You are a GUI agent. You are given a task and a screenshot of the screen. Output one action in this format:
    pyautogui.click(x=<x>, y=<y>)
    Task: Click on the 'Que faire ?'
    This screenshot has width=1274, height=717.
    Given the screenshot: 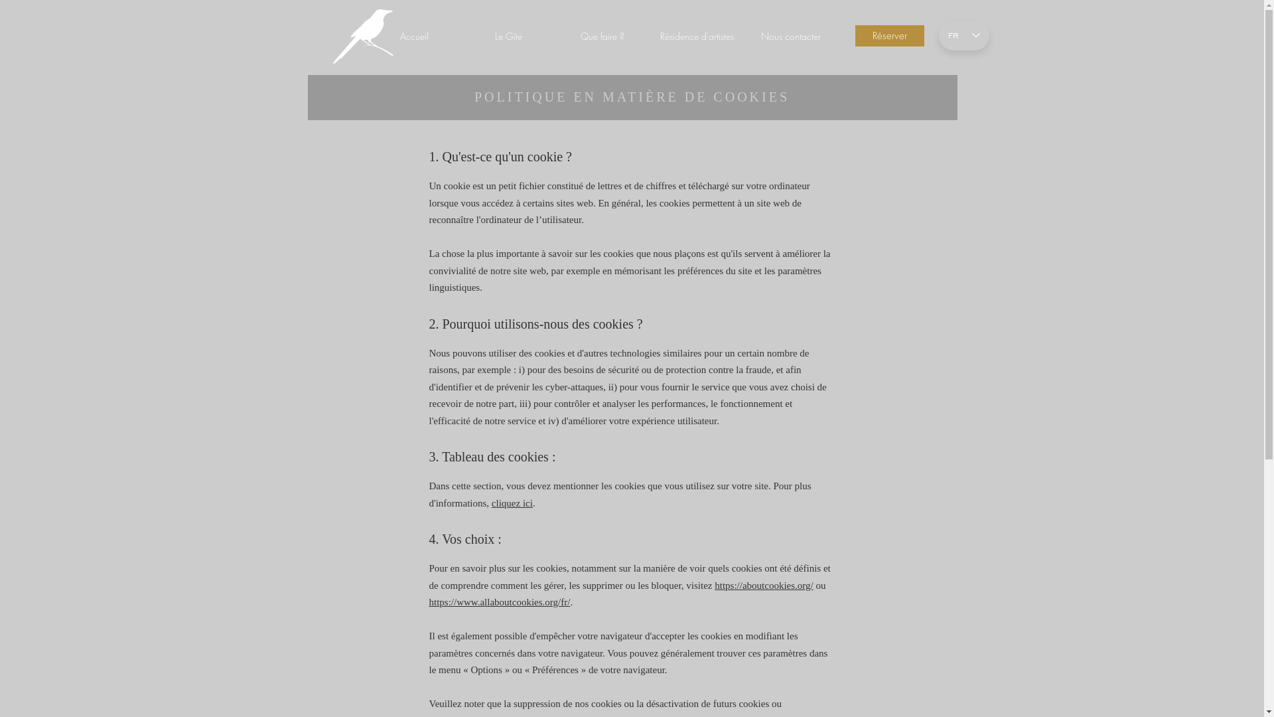 What is the action you would take?
    pyautogui.click(x=601, y=35)
    